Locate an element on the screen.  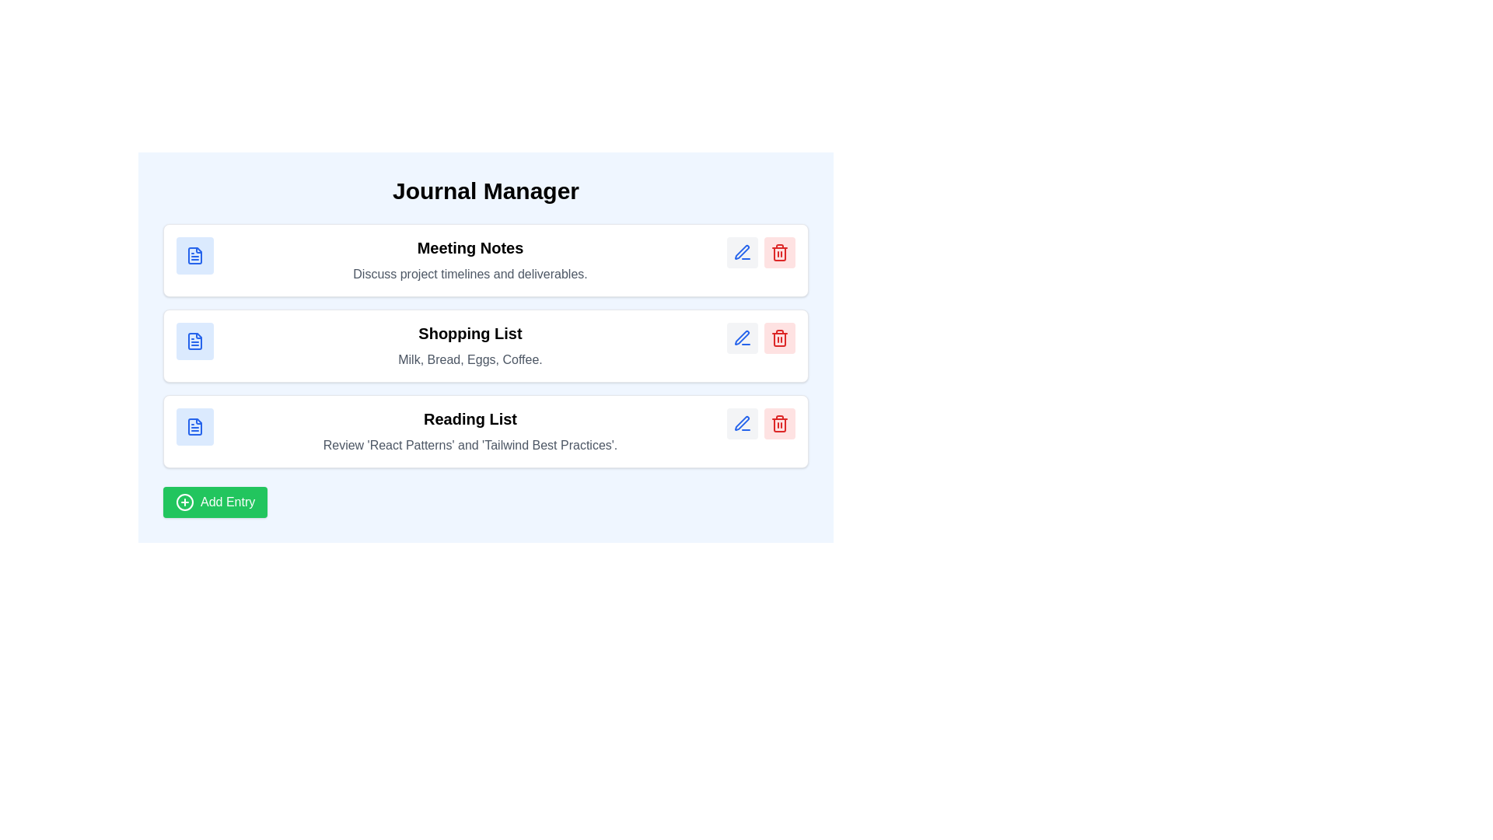
the red trash can icon button located in the last row of the Journal Manager interface, adjacent to the edit icon is located at coordinates (780, 338).